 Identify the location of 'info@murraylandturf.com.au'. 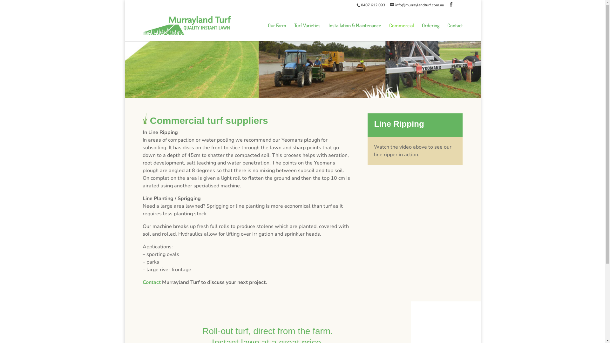
(417, 5).